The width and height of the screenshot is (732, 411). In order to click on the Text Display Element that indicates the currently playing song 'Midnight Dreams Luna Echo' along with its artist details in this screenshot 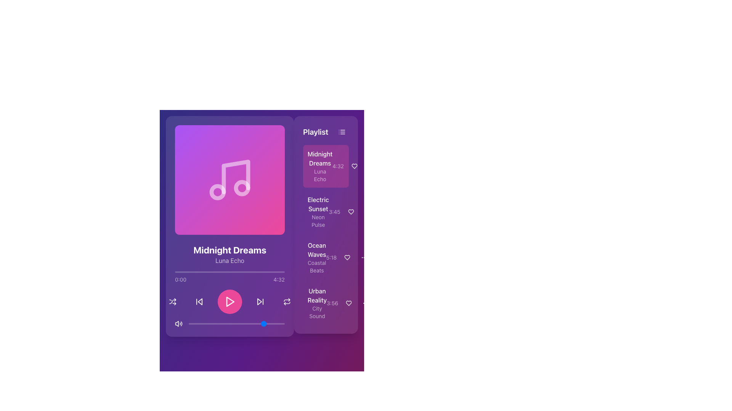, I will do `click(230, 254)`.